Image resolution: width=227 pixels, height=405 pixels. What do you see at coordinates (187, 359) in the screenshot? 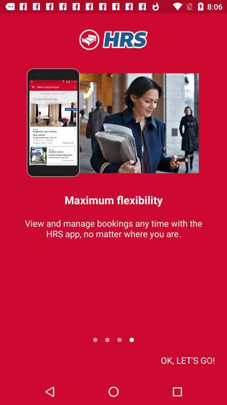
I see `the item at the bottom right corner` at bounding box center [187, 359].